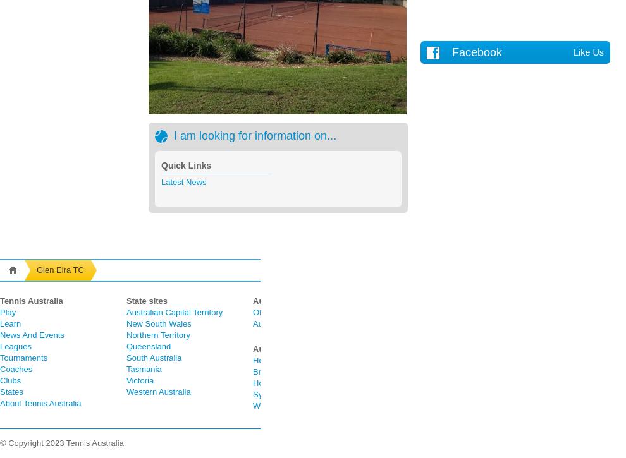 The height and width of the screenshot is (458, 626). Describe the element at coordinates (186, 166) in the screenshot. I see `'Quick Links'` at that location.